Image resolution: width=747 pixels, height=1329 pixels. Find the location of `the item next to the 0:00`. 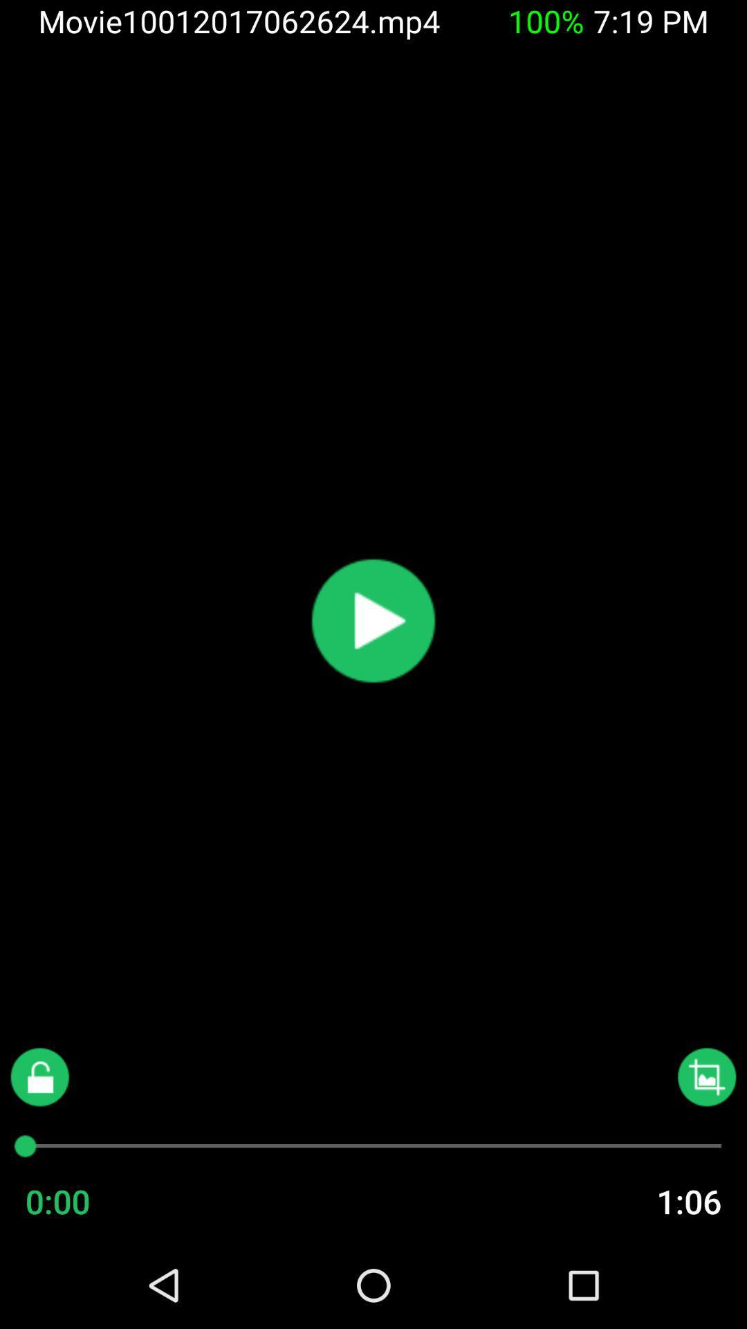

the item next to the 0:00 is located at coordinates (661, 1200).